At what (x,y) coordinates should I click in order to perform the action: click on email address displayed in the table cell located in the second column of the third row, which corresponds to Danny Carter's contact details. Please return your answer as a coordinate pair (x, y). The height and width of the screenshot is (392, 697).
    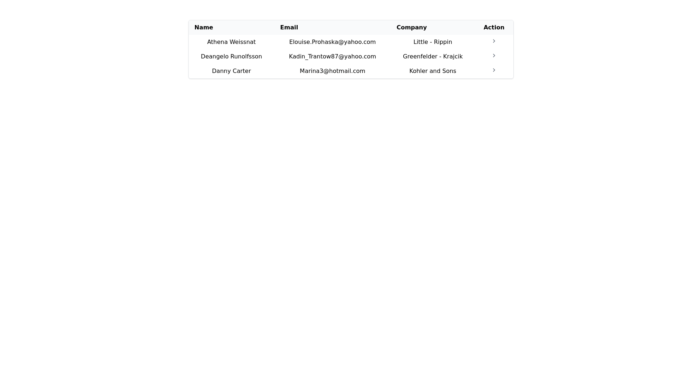
    Looking at the image, I should click on (332, 71).